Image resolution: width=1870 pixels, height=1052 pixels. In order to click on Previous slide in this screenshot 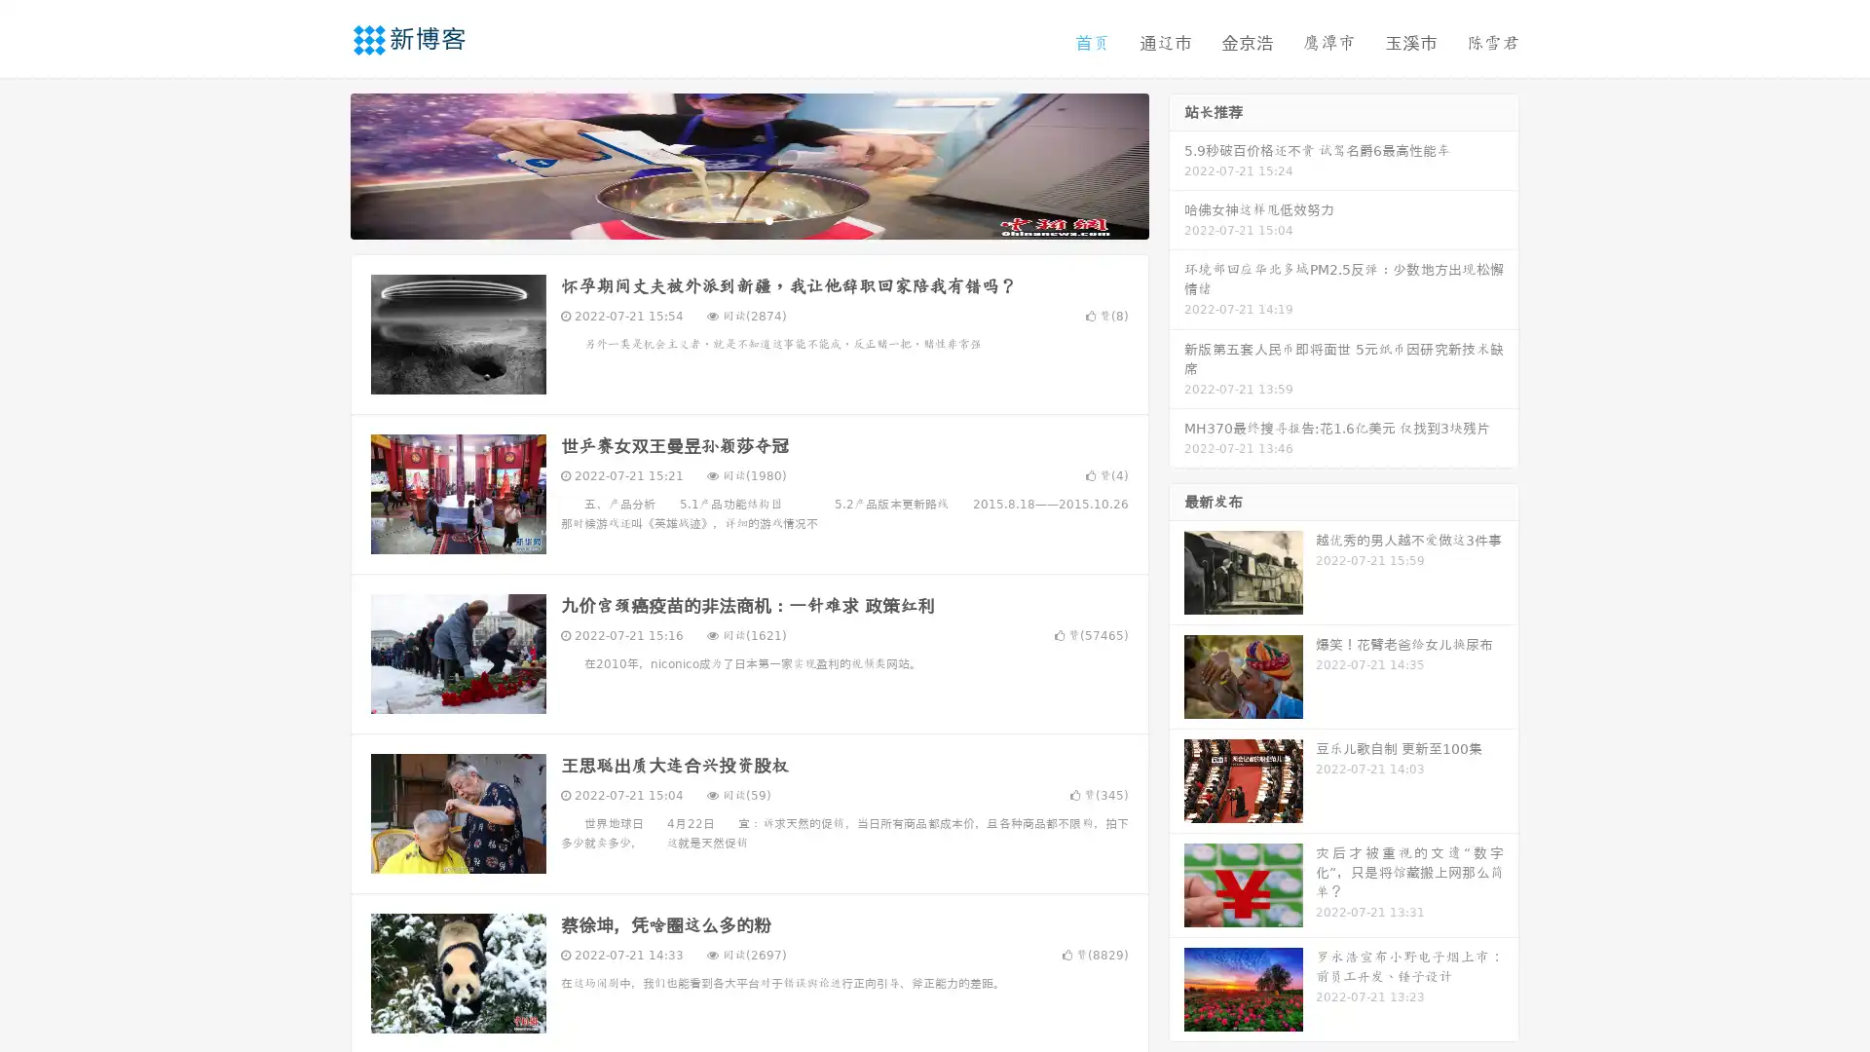, I will do `click(321, 164)`.